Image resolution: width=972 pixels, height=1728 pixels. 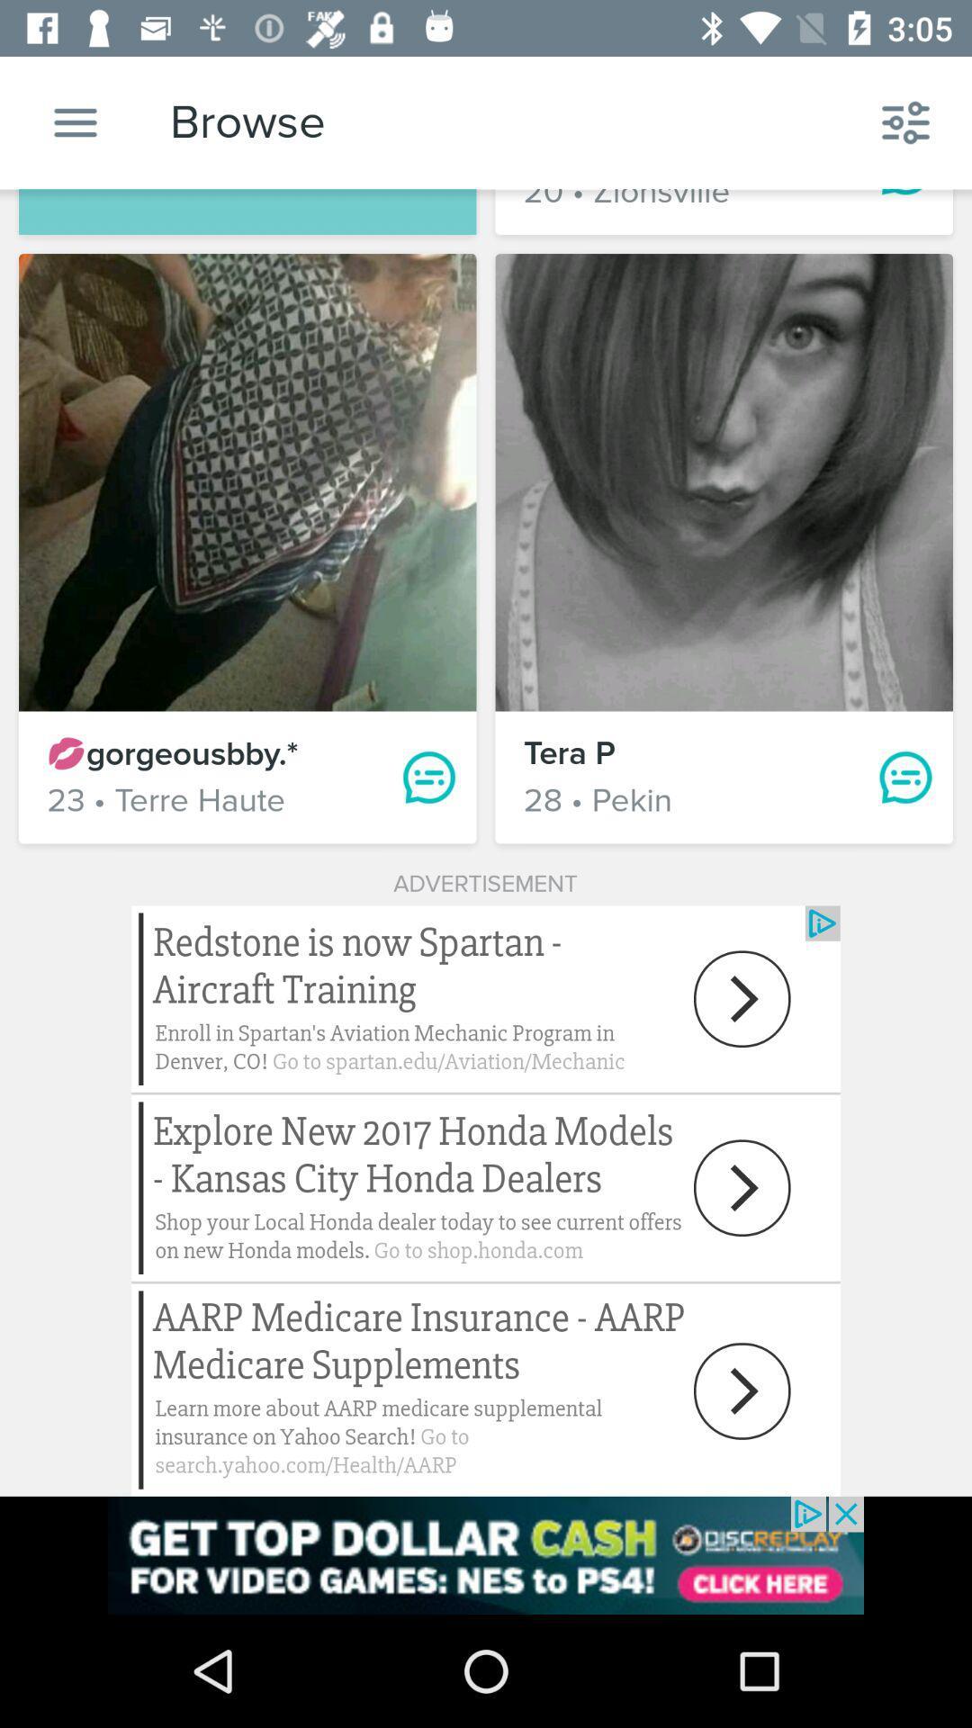 I want to click on user, so click(x=723, y=482).